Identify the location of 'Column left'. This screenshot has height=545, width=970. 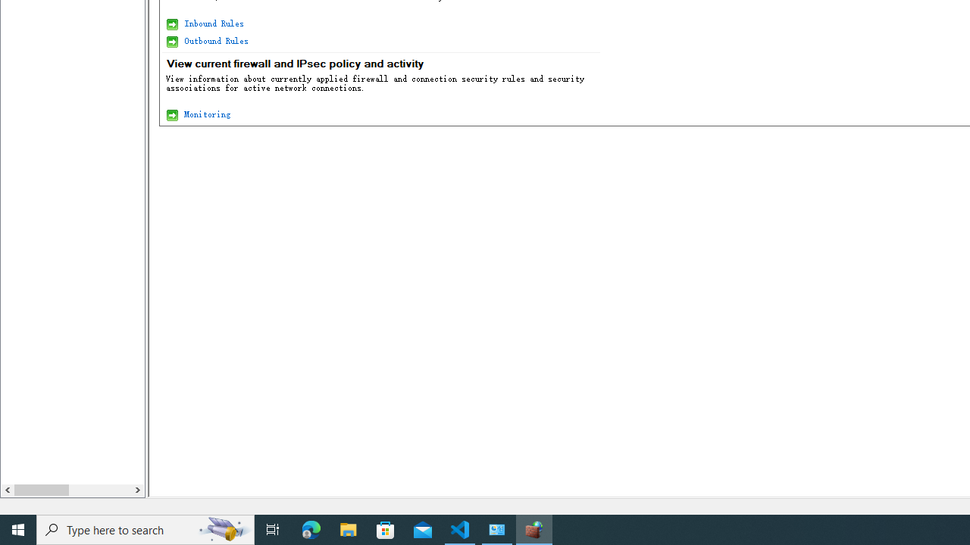
(8, 490).